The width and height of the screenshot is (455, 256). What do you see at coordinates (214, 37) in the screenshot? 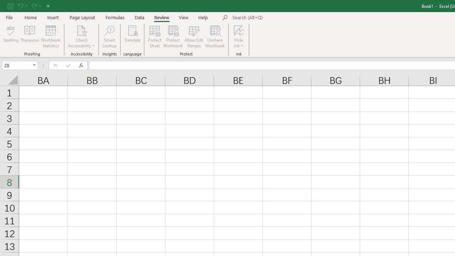
I see `'Unshare Workbook'` at bounding box center [214, 37].